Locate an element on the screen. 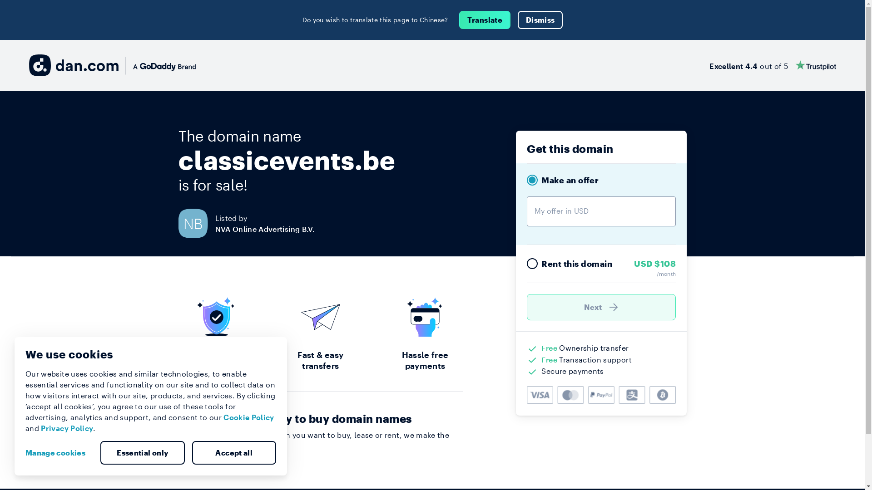  'Translate' is located at coordinates (484, 20).